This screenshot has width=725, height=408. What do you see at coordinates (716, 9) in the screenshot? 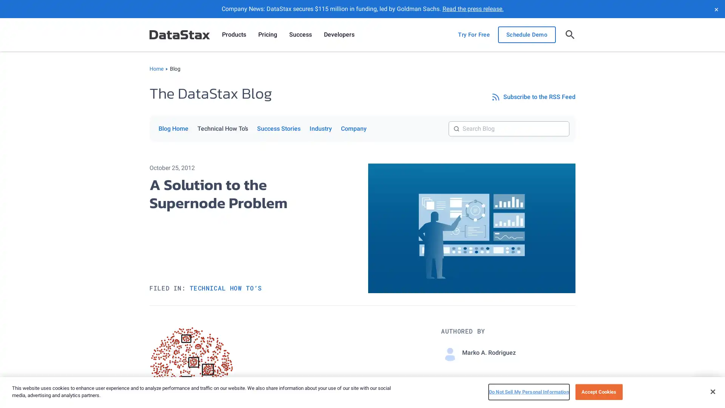
I see `Dismiss` at bounding box center [716, 9].